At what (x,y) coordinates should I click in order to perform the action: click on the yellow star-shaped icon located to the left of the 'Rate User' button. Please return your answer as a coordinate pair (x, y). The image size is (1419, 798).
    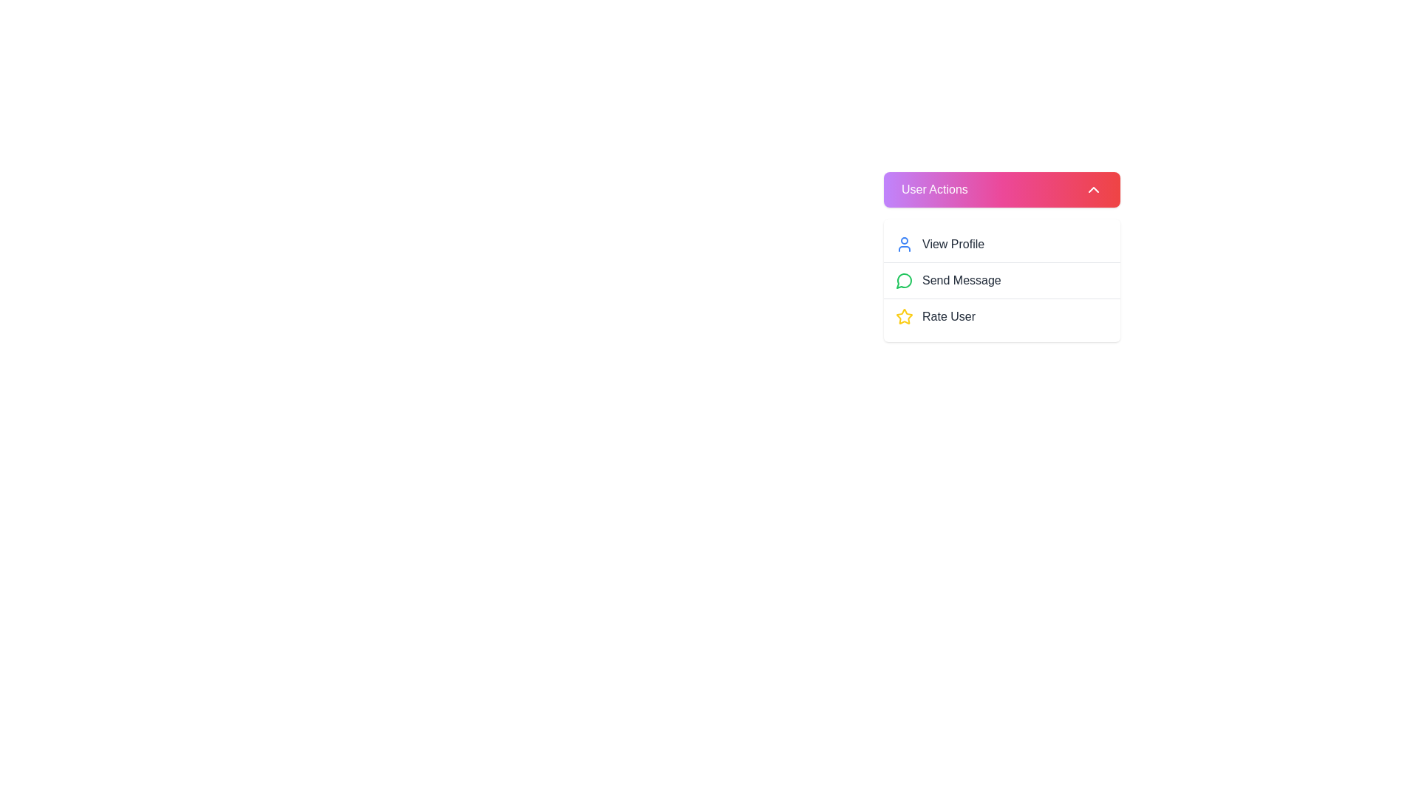
    Looking at the image, I should click on (904, 316).